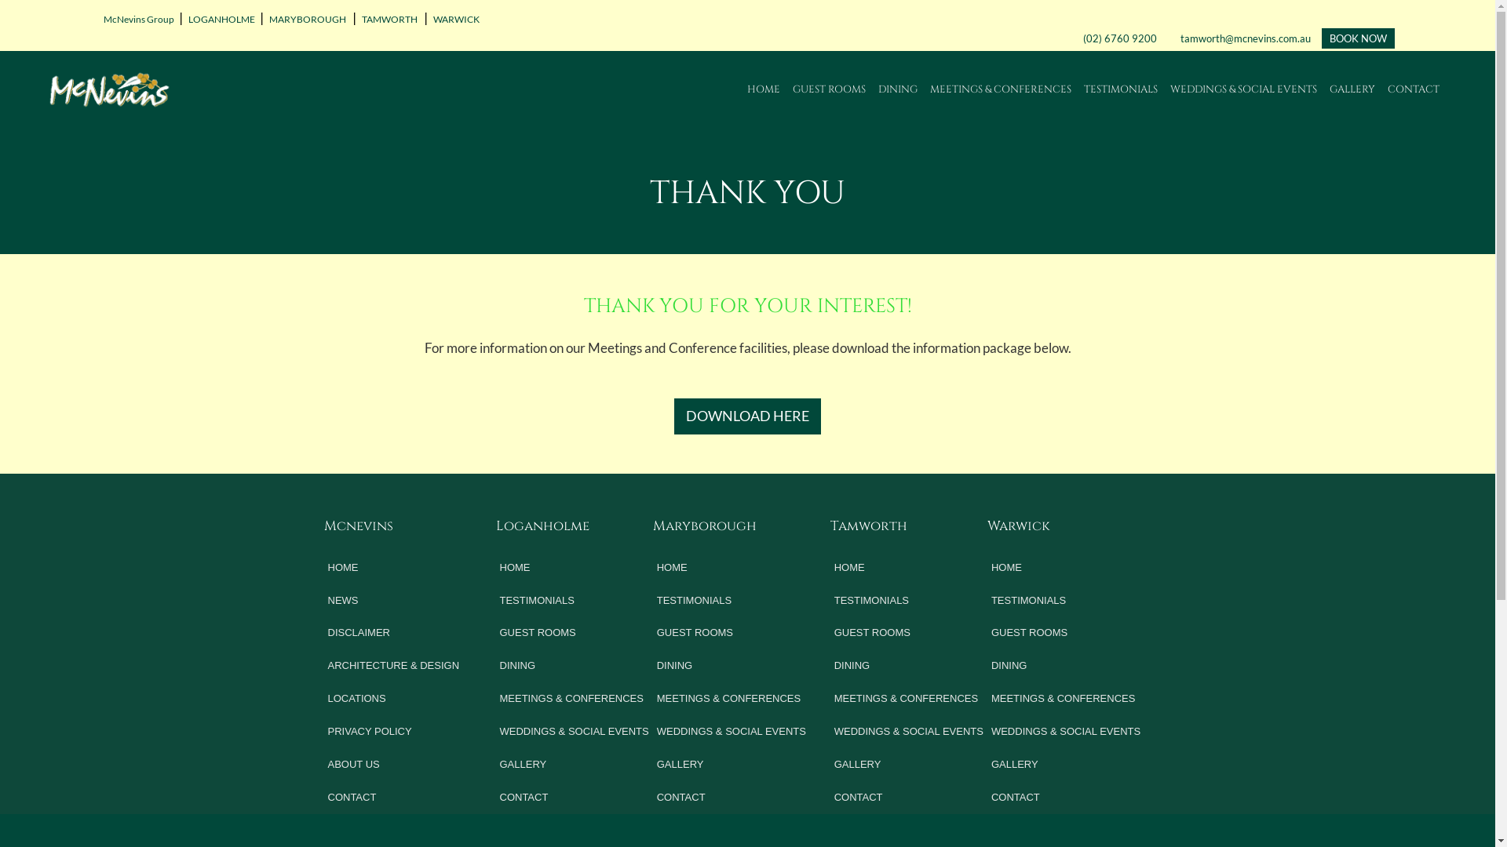 This screenshot has width=1507, height=847. Describe the element at coordinates (323, 698) in the screenshot. I see `'LOCATIONS'` at that location.